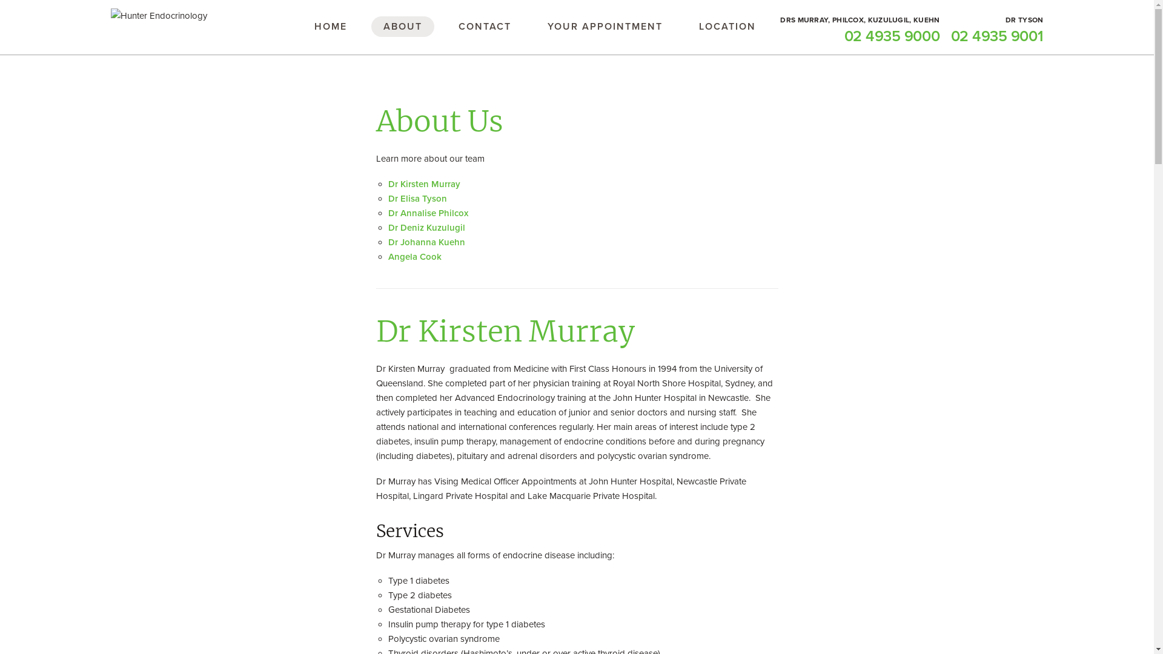  What do you see at coordinates (605, 26) in the screenshot?
I see `'YOUR APPOINTMENT'` at bounding box center [605, 26].